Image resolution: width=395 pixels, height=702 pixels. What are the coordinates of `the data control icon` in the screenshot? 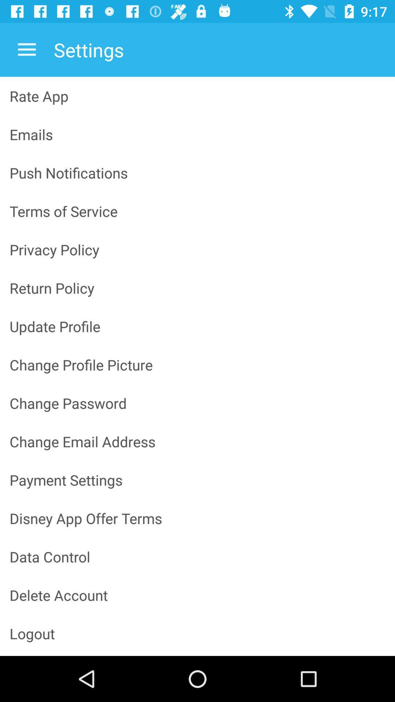 It's located at (197, 556).